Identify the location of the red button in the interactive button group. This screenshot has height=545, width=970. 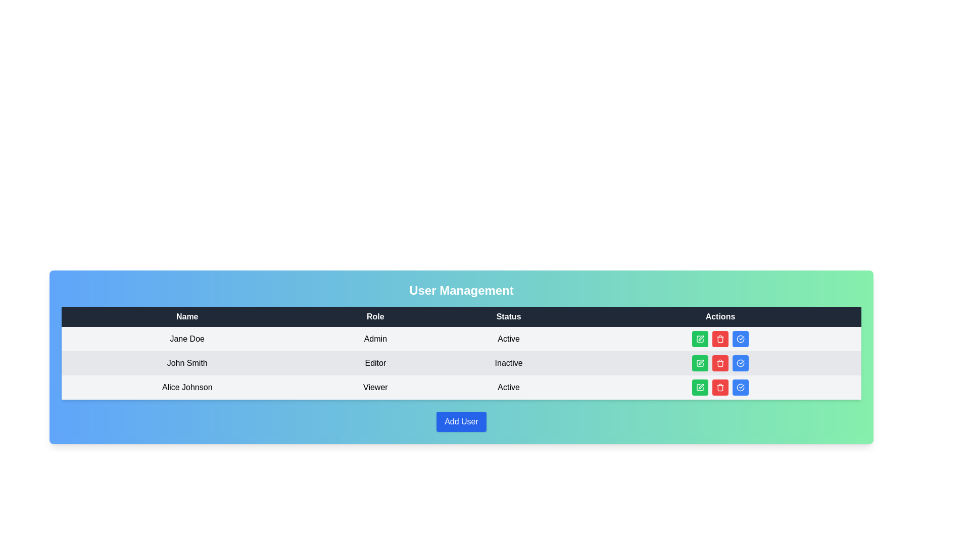
(719, 387).